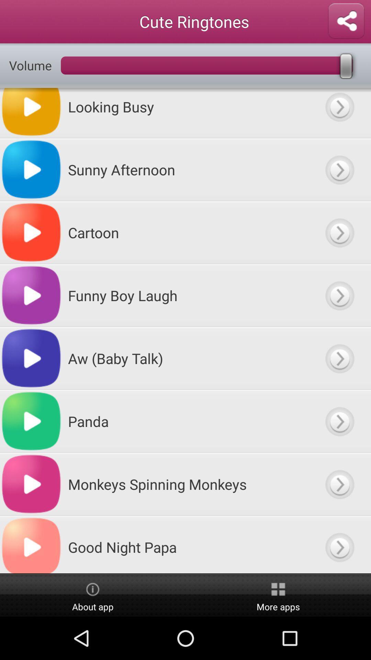  Describe the element at coordinates (346, 21) in the screenshot. I see `setting page` at that location.